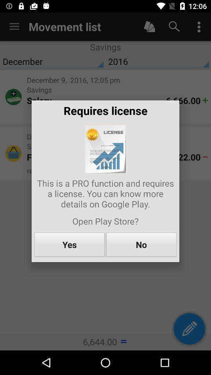  I want to click on the icon below the open play store?, so click(70, 244).